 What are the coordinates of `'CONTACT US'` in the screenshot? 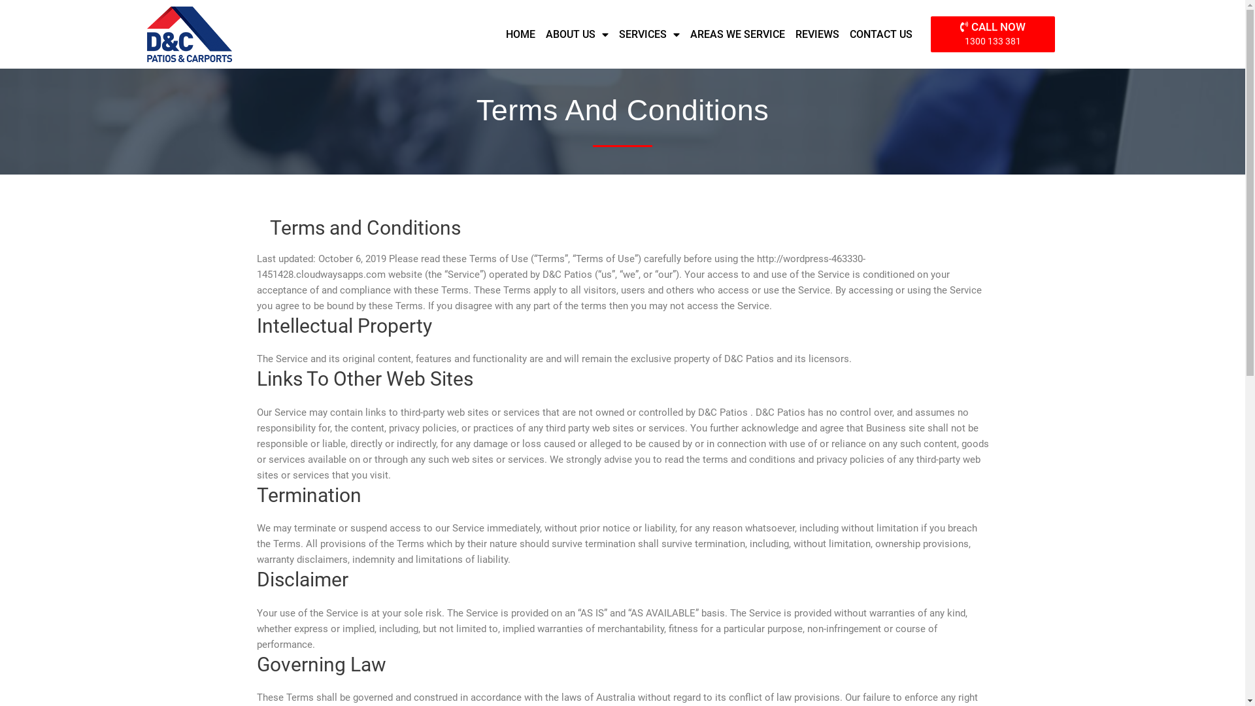 It's located at (881, 33).